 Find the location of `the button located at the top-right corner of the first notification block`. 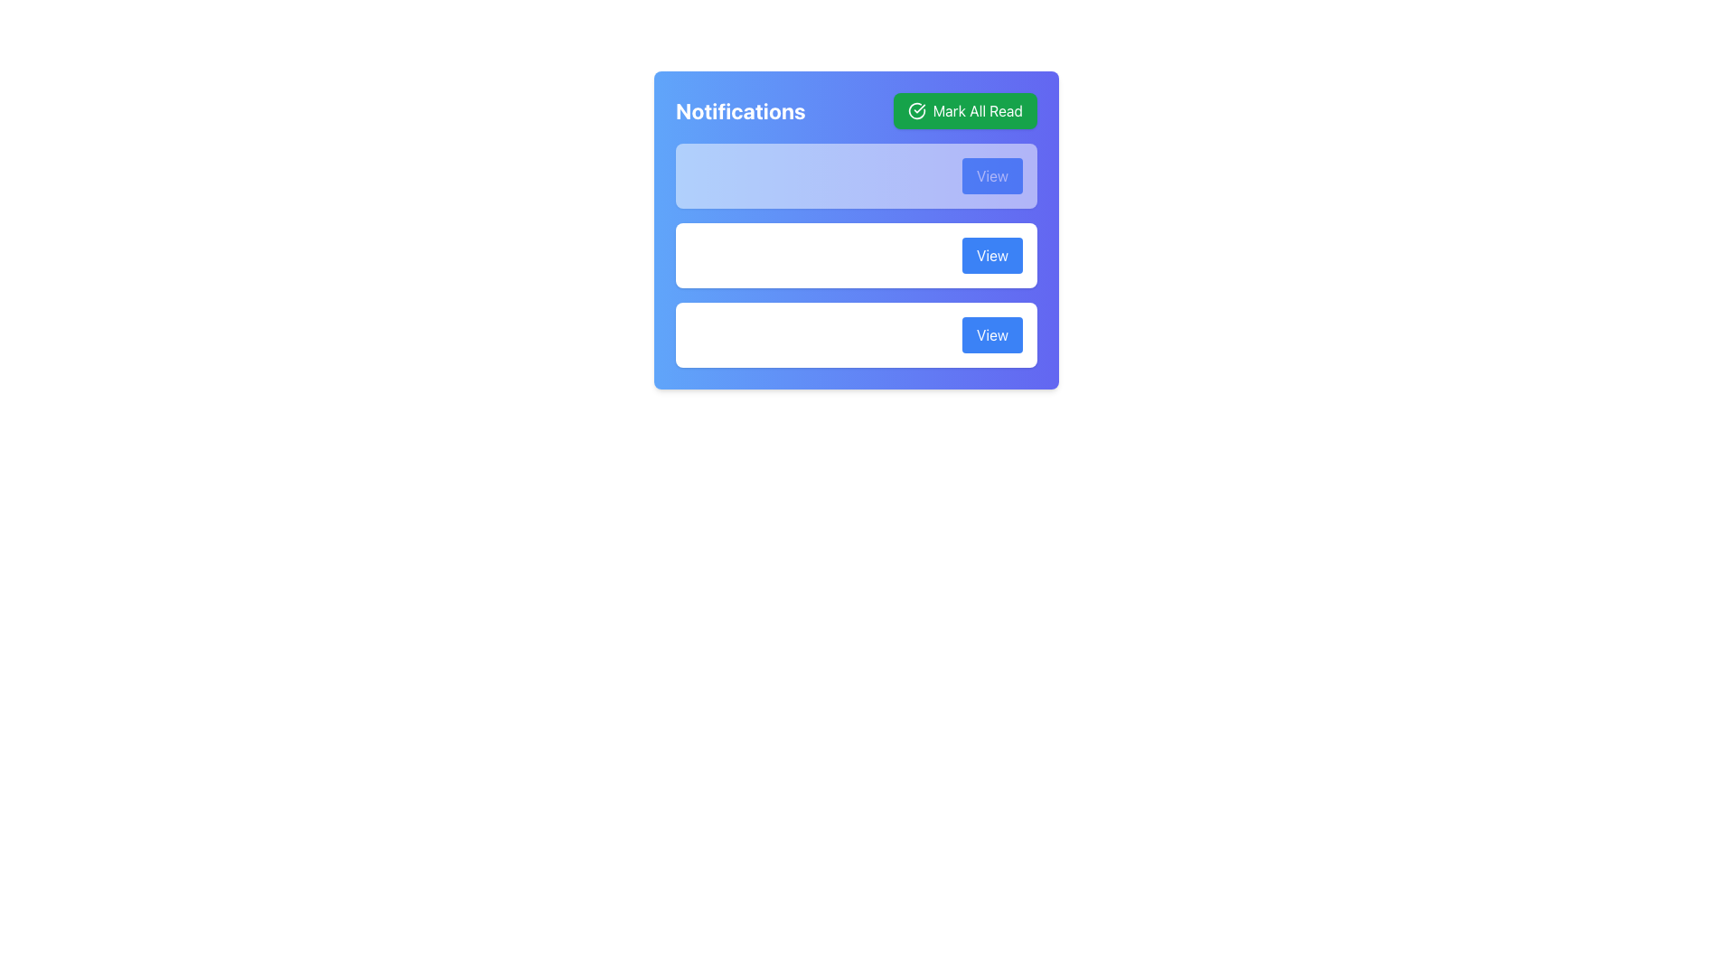

the button located at the top-right corner of the first notification block is located at coordinates (991, 176).